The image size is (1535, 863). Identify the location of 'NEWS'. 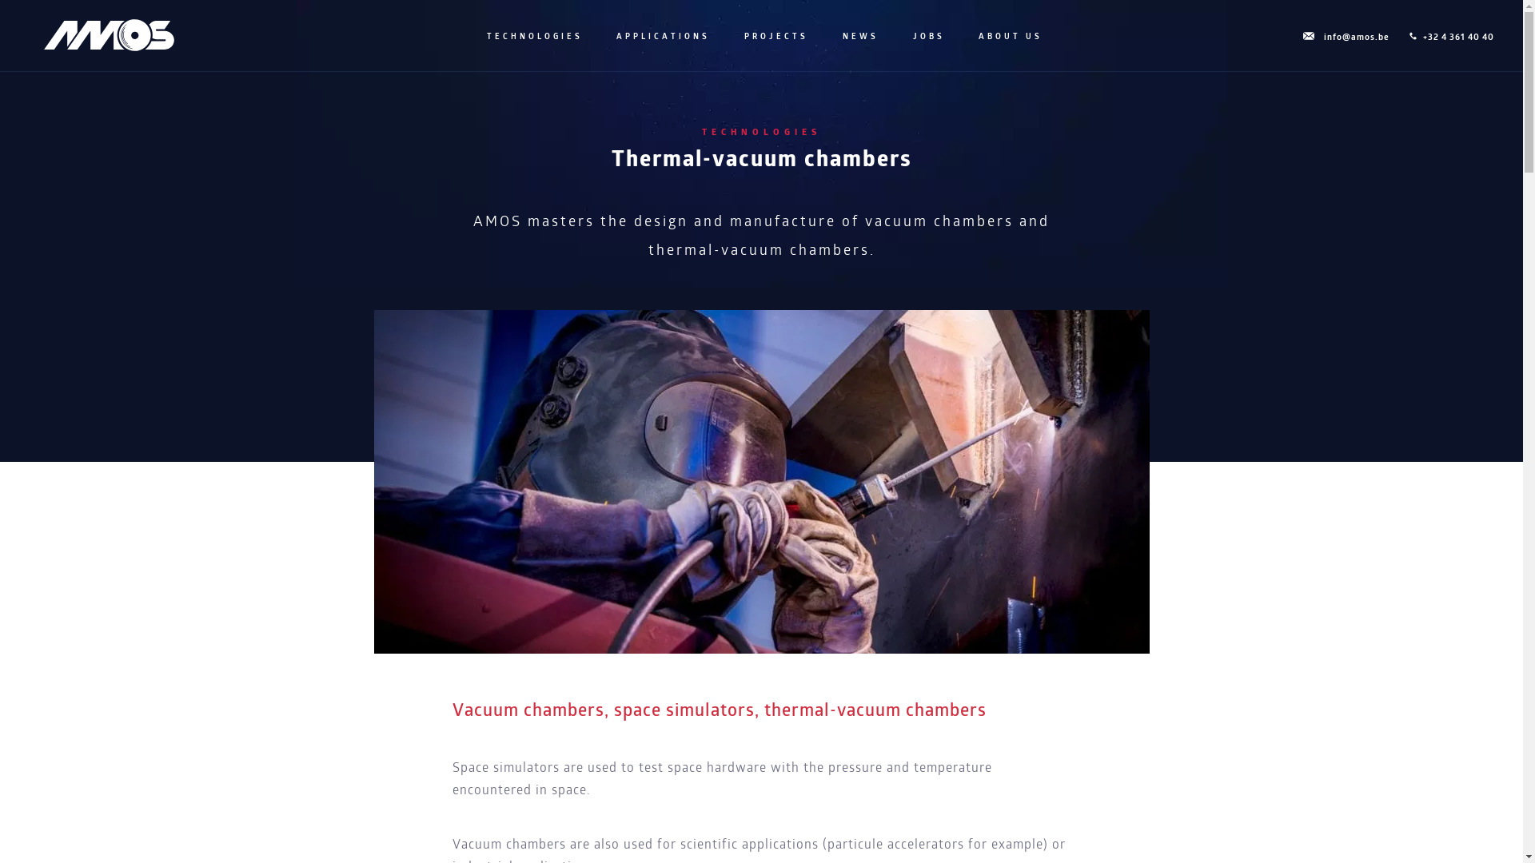
(858, 36).